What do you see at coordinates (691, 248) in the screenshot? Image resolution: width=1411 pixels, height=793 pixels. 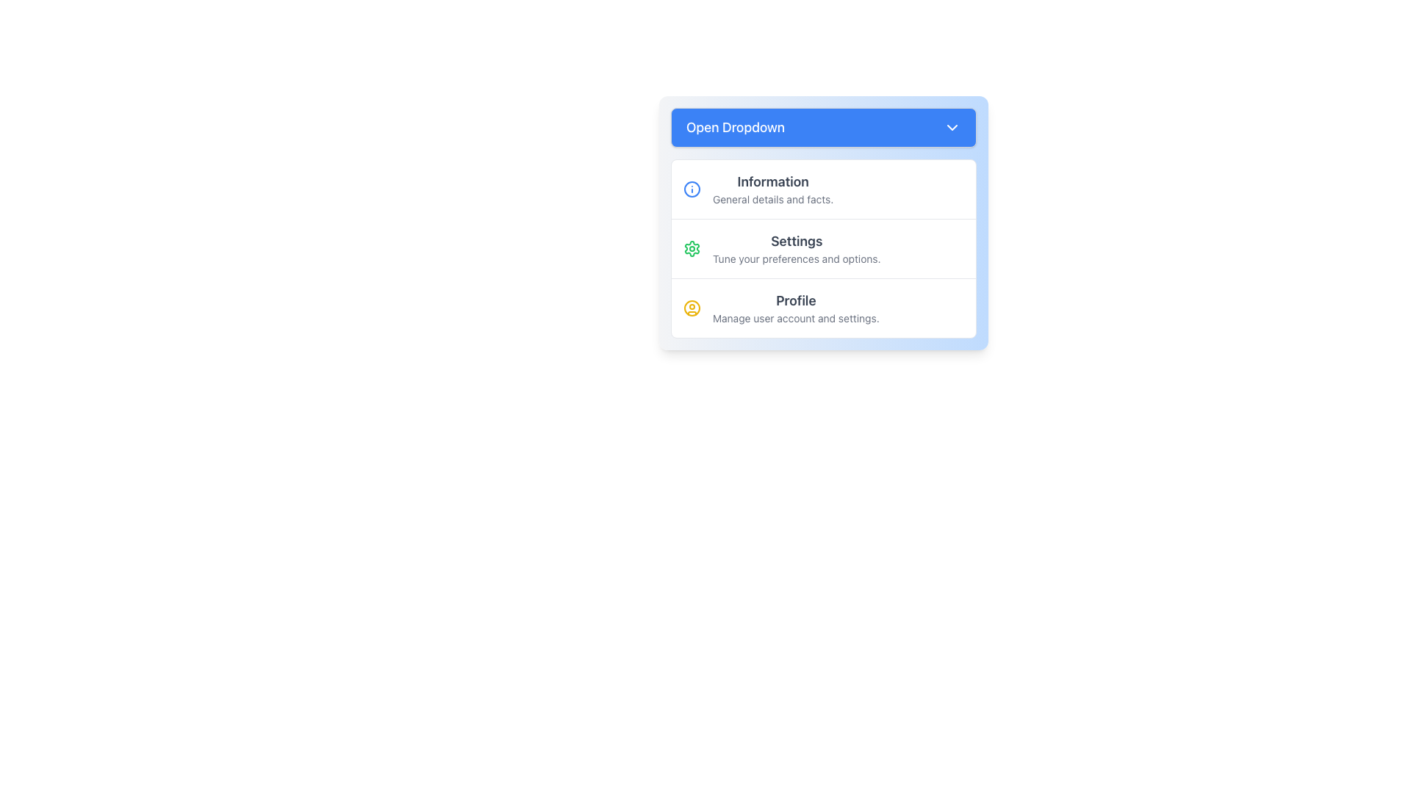 I see `the settings icon located in the second option of the dropdown menu` at bounding box center [691, 248].